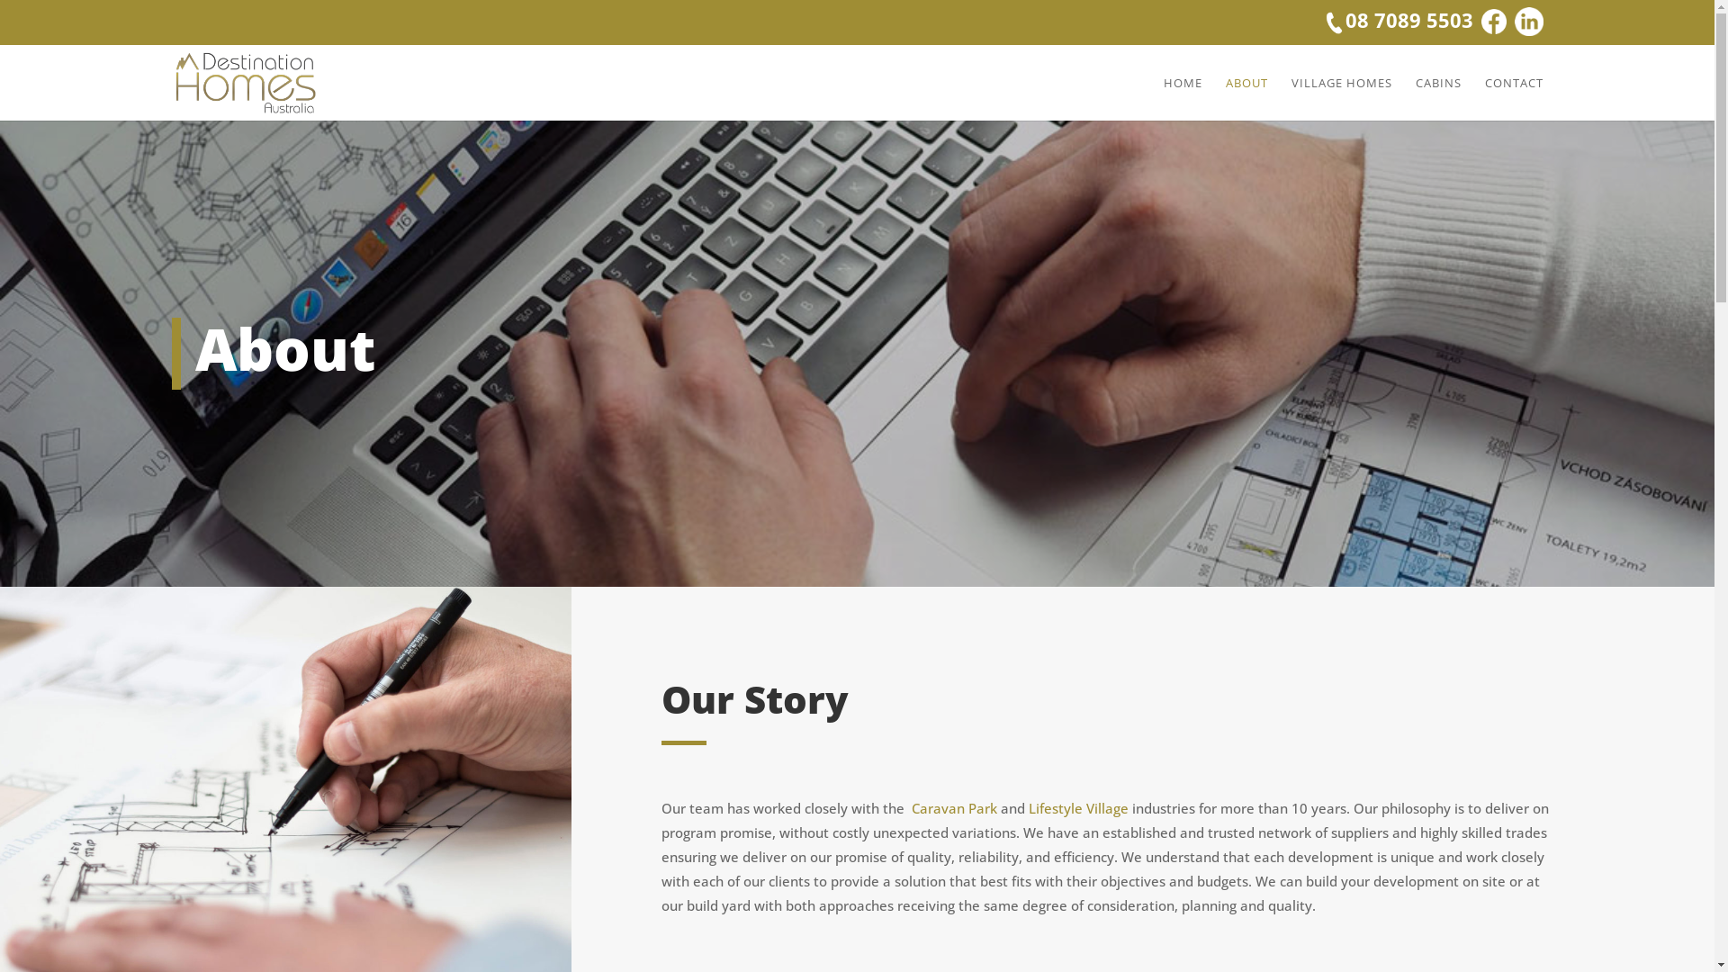 This screenshot has width=1728, height=972. I want to click on 'CABINS', so click(1436, 98).